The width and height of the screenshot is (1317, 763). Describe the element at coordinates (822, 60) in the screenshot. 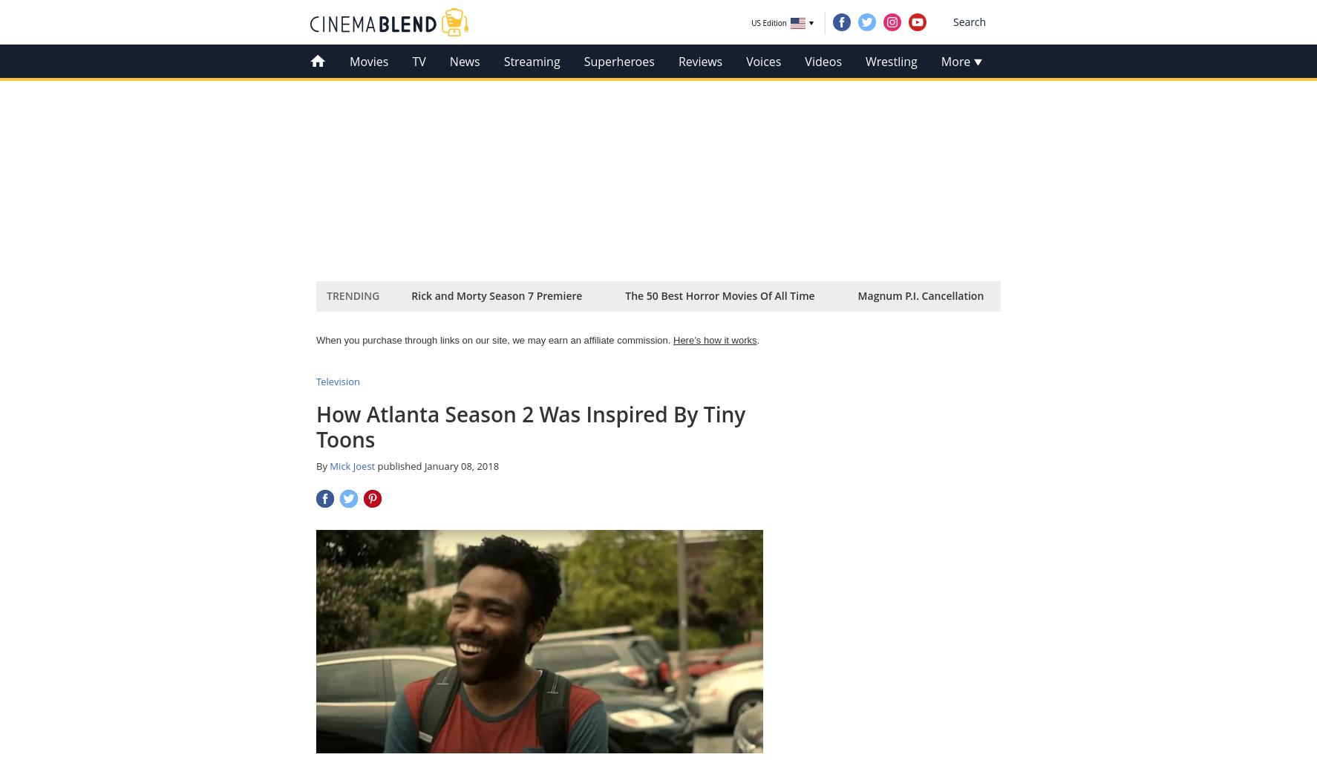

I see `'Videos'` at that location.